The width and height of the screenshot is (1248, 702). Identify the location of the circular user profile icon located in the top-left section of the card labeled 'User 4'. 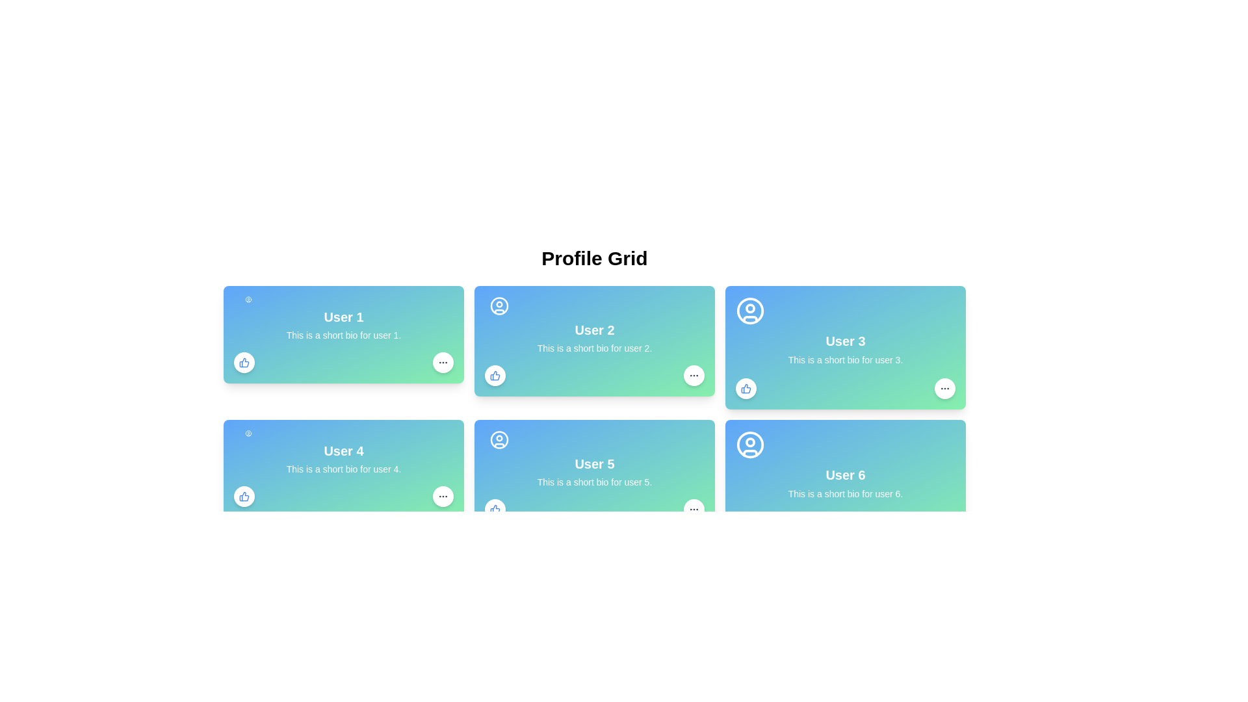
(248, 434).